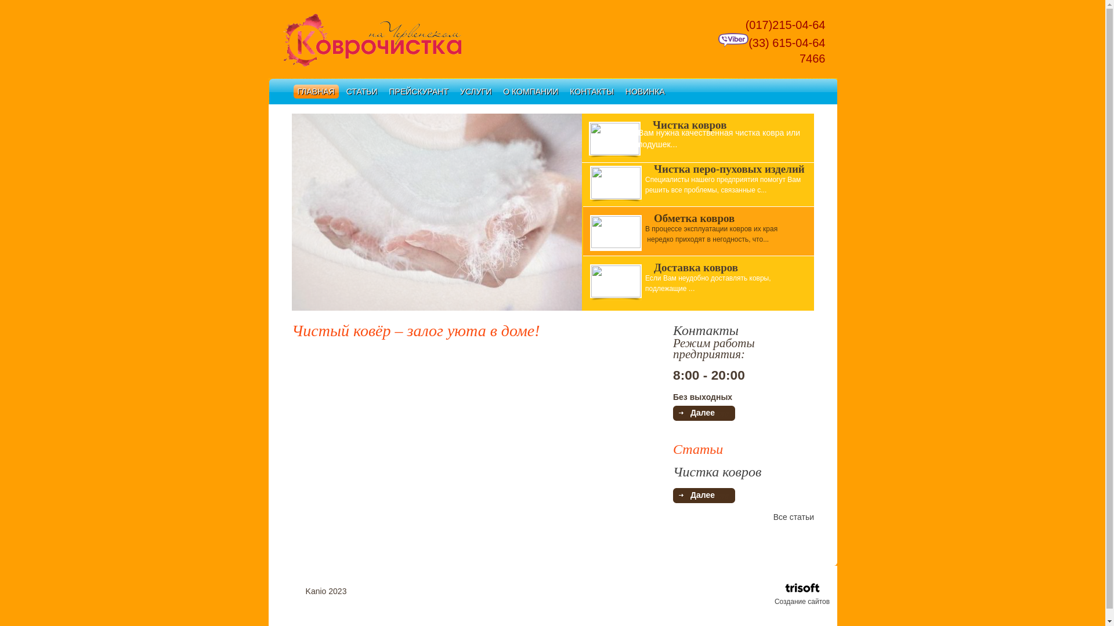 Image resolution: width=1114 pixels, height=626 pixels. Describe the element at coordinates (301, 213) in the screenshot. I see `'Previous'` at that location.